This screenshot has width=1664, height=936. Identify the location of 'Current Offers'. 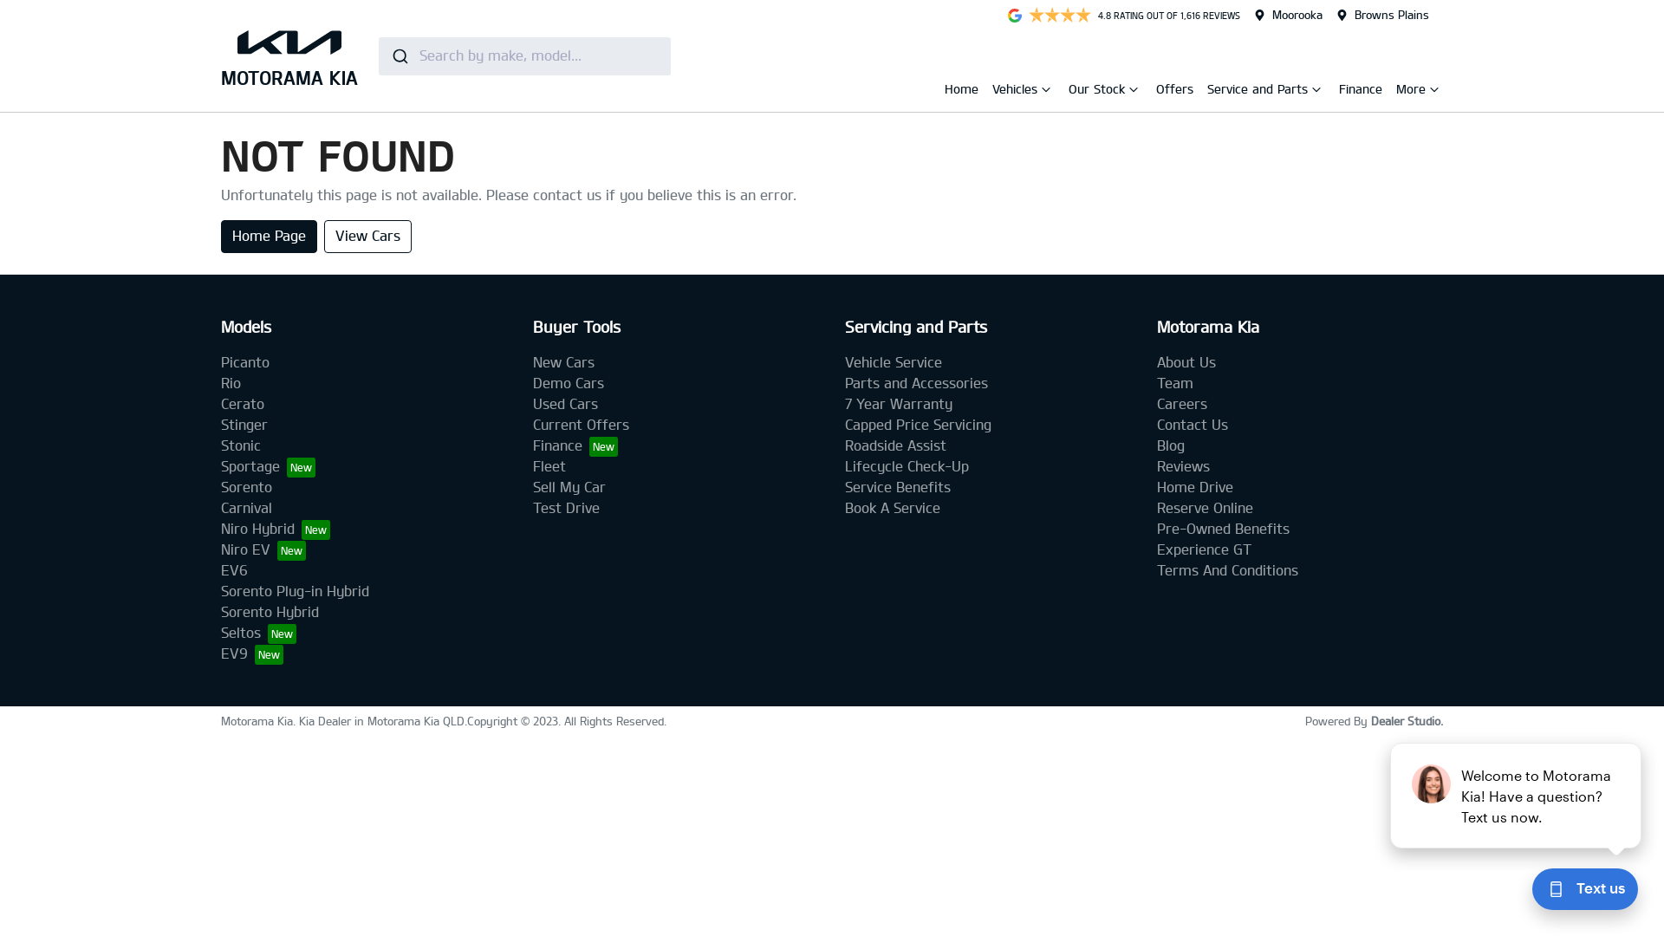
(581, 425).